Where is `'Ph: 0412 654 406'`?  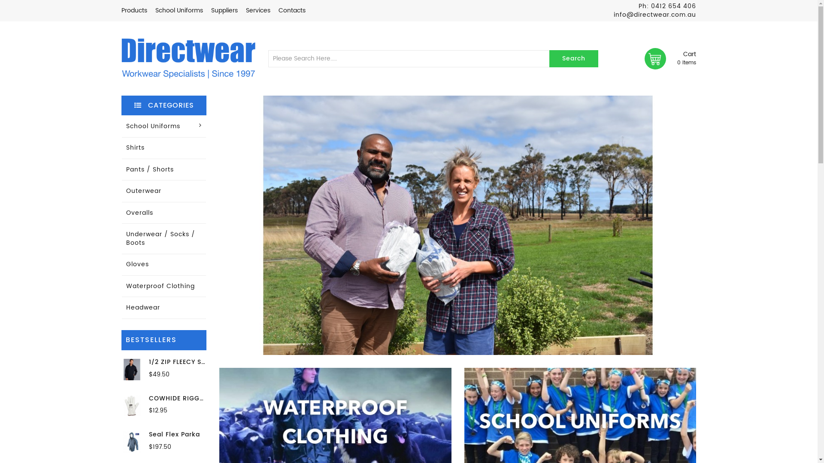 'Ph: 0412 654 406' is located at coordinates (639, 6).